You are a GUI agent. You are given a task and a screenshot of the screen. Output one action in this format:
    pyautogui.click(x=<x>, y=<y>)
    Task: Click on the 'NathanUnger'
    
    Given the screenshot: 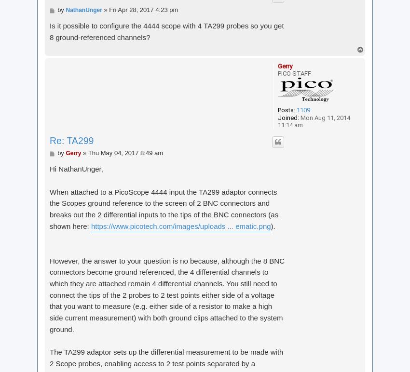 What is the action you would take?
    pyautogui.click(x=66, y=9)
    